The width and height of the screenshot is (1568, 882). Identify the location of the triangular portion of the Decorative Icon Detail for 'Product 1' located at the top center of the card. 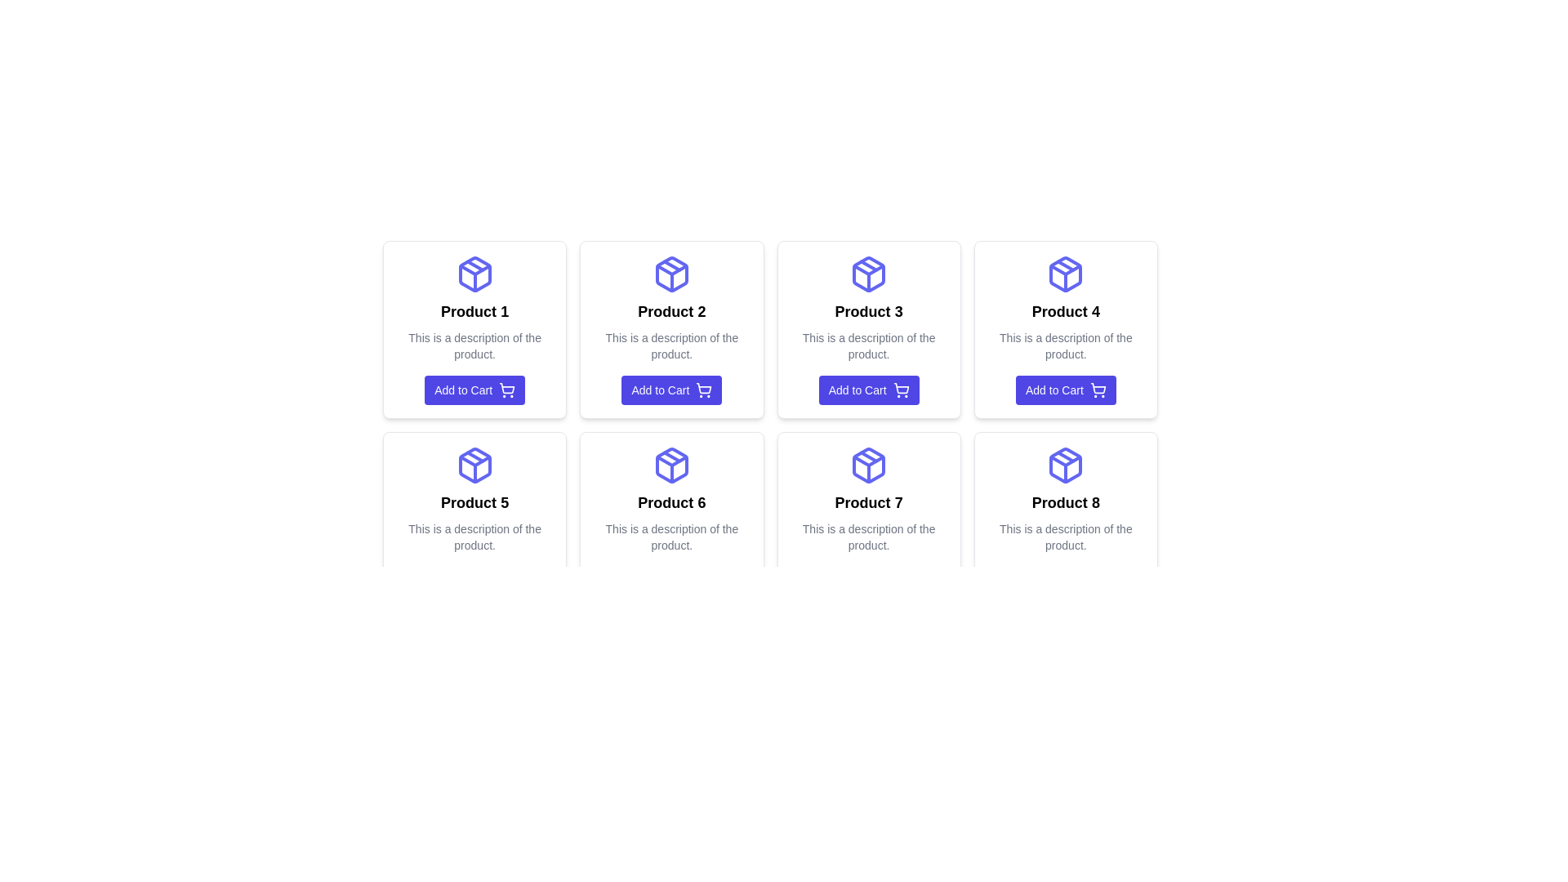
(474, 269).